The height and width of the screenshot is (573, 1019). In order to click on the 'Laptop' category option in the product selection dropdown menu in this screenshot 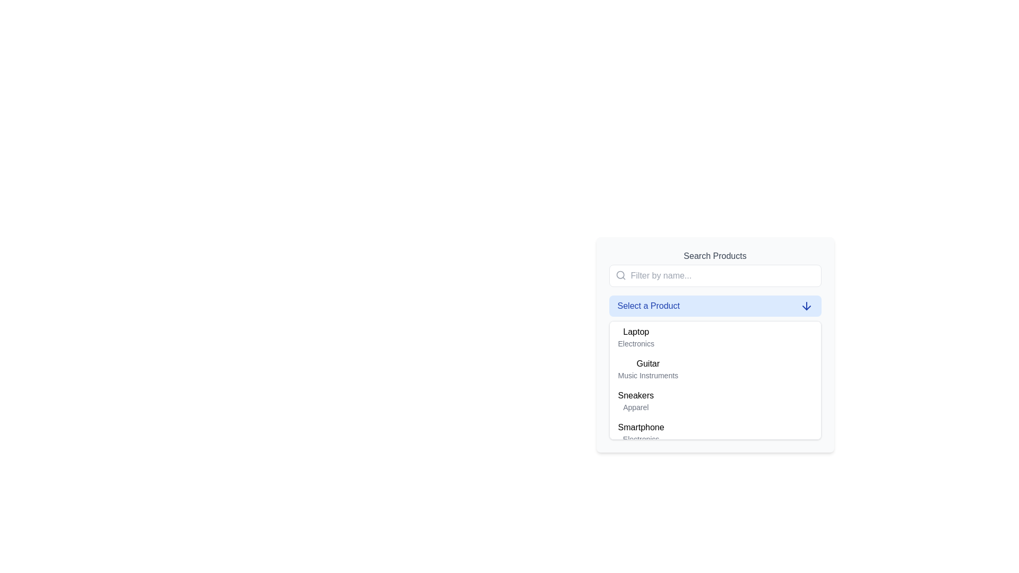, I will do `click(636, 337)`.